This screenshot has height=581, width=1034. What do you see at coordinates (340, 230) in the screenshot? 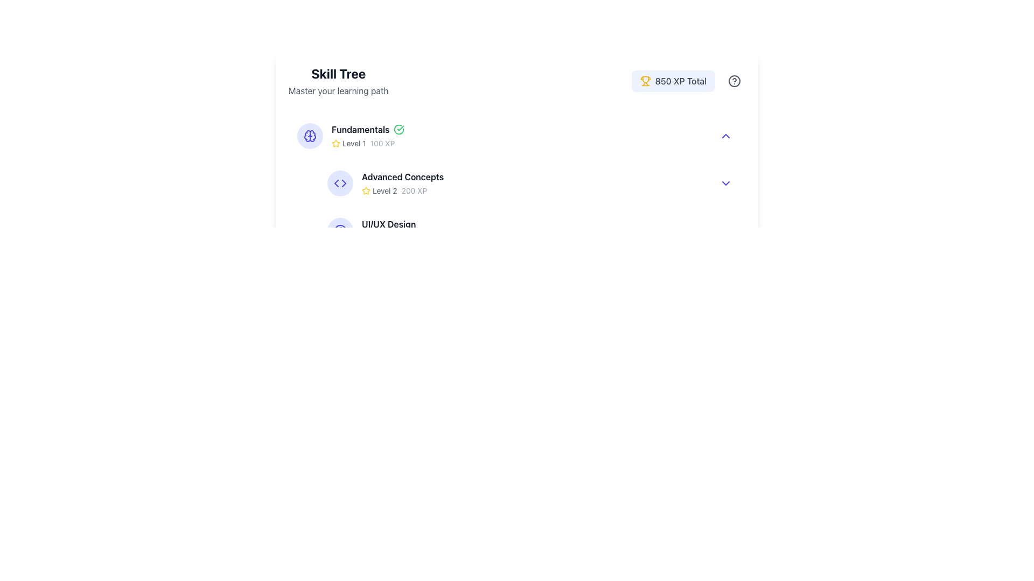
I see `the circular badge with a light indigo background and an artistic palette icon, located at the beginning of the 'UI/UX Design' row in the 'Skill Tree' interface` at bounding box center [340, 230].